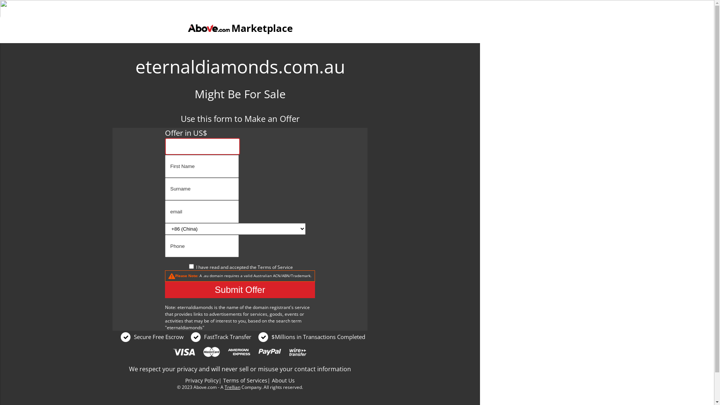  Describe the element at coordinates (232, 387) in the screenshot. I see `'Trellian'` at that location.